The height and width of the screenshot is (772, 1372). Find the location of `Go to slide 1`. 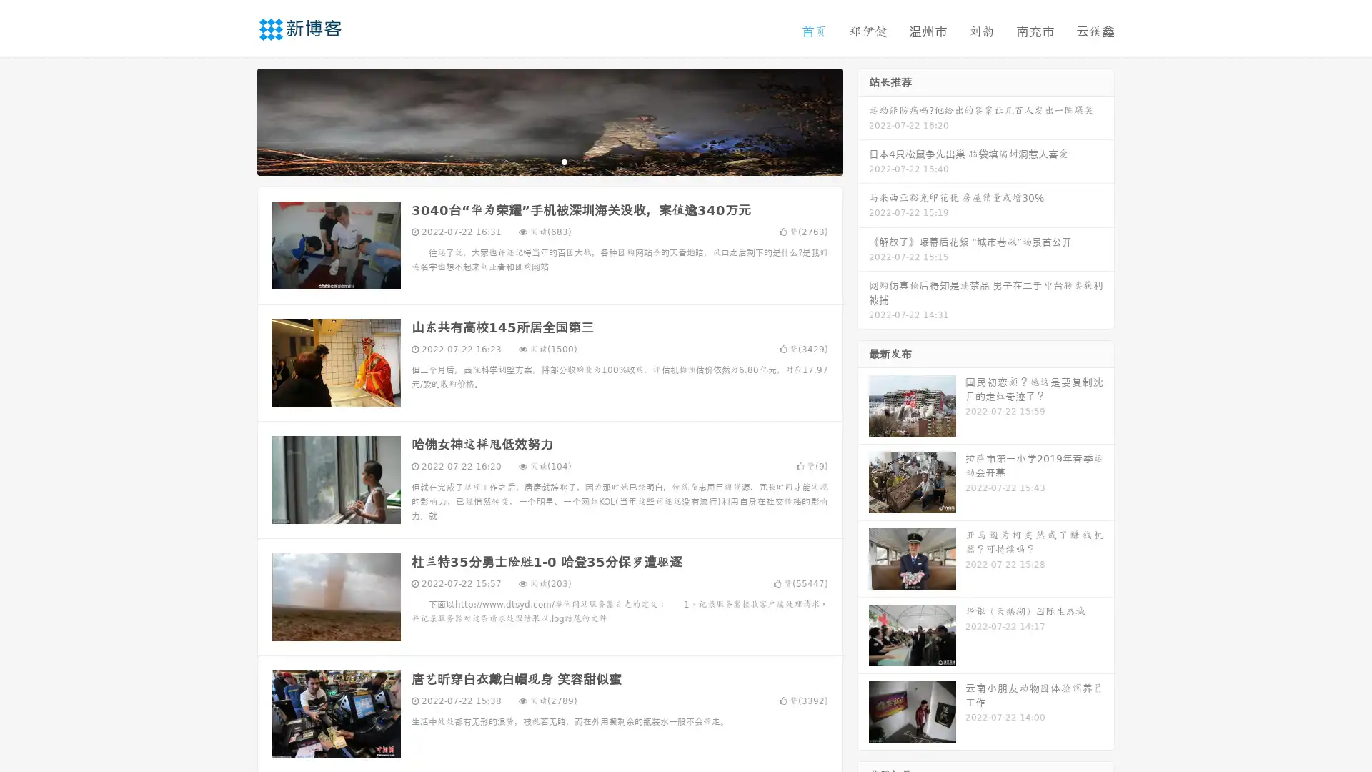

Go to slide 1 is located at coordinates (535, 161).